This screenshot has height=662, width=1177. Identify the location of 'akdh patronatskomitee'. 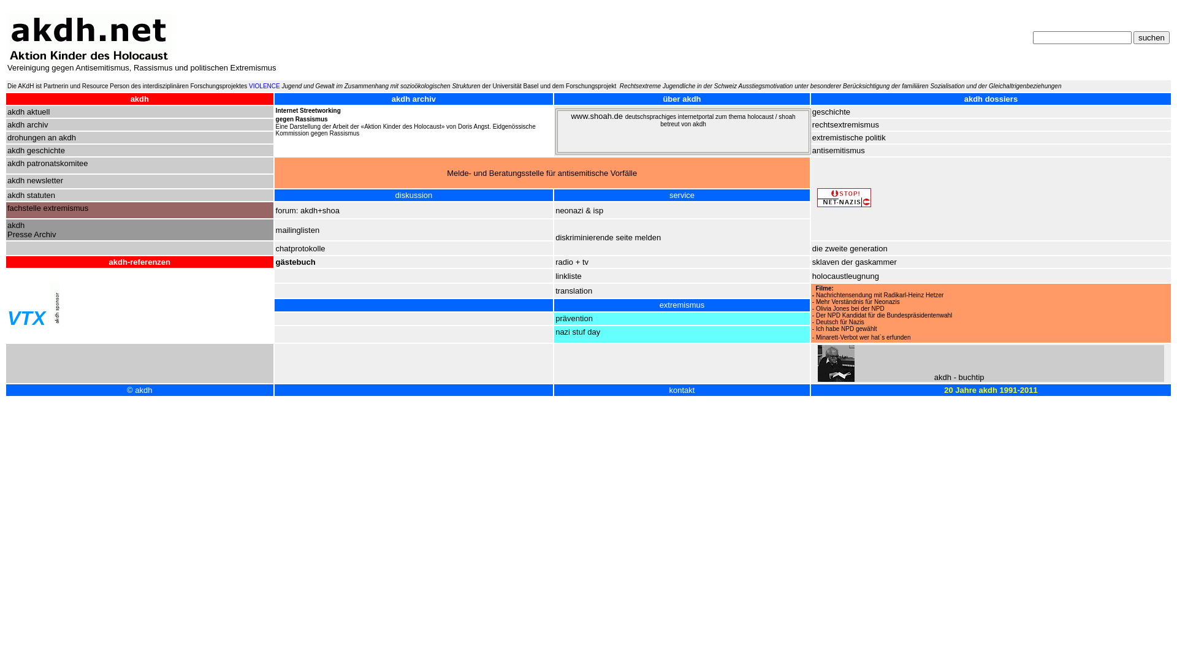
(47, 162).